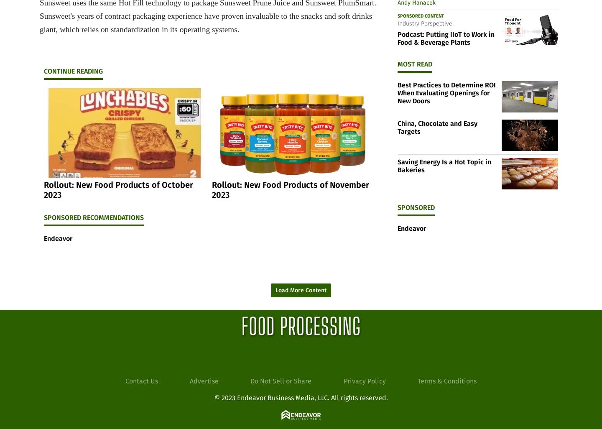 Image resolution: width=602 pixels, height=429 pixels. Describe the element at coordinates (446, 93) in the screenshot. I see `'Best Practices to Determine ROI When Evaluating Openings for New Doors'` at that location.